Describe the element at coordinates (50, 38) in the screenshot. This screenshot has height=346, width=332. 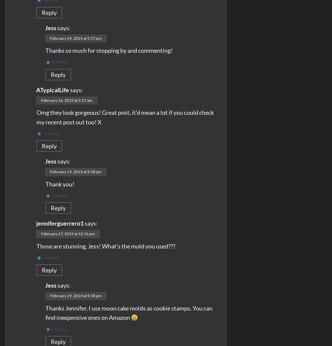
I see `'February 19, 2019 at 5:57 pm'` at that location.